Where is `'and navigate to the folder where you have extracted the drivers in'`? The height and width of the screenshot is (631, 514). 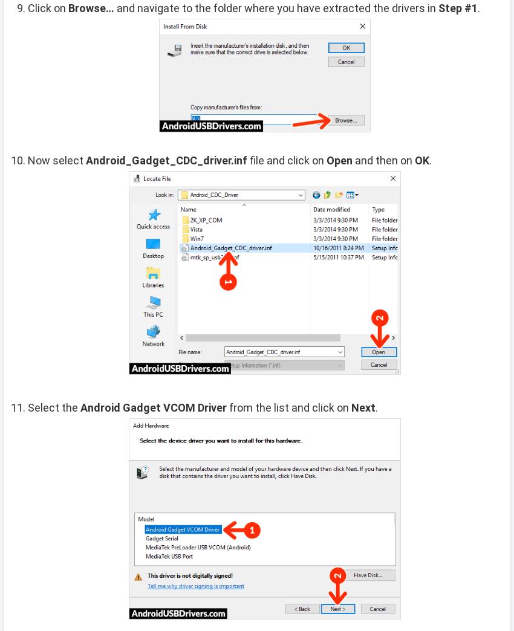
'and navigate to the folder where you have extracted the drivers in' is located at coordinates (275, 7).